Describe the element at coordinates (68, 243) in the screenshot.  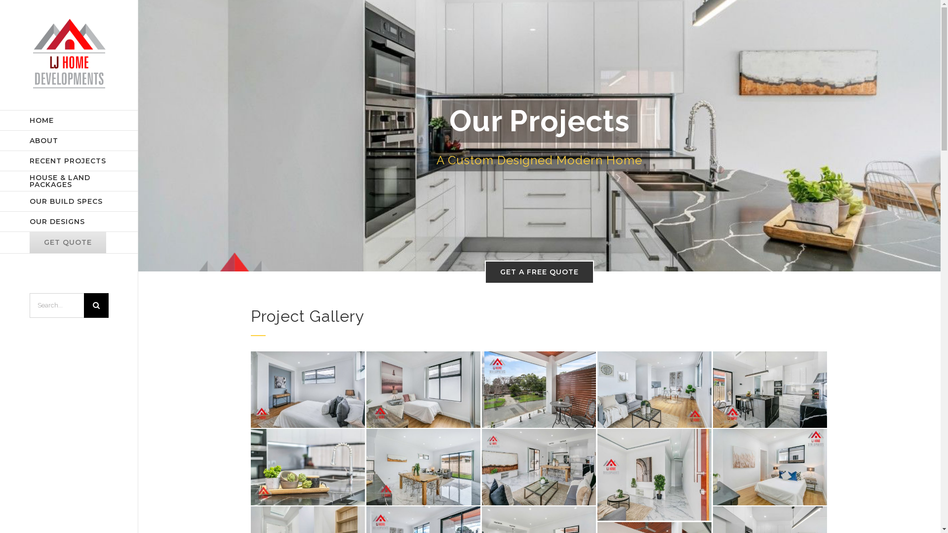
I see `'GET QUOTE'` at that location.